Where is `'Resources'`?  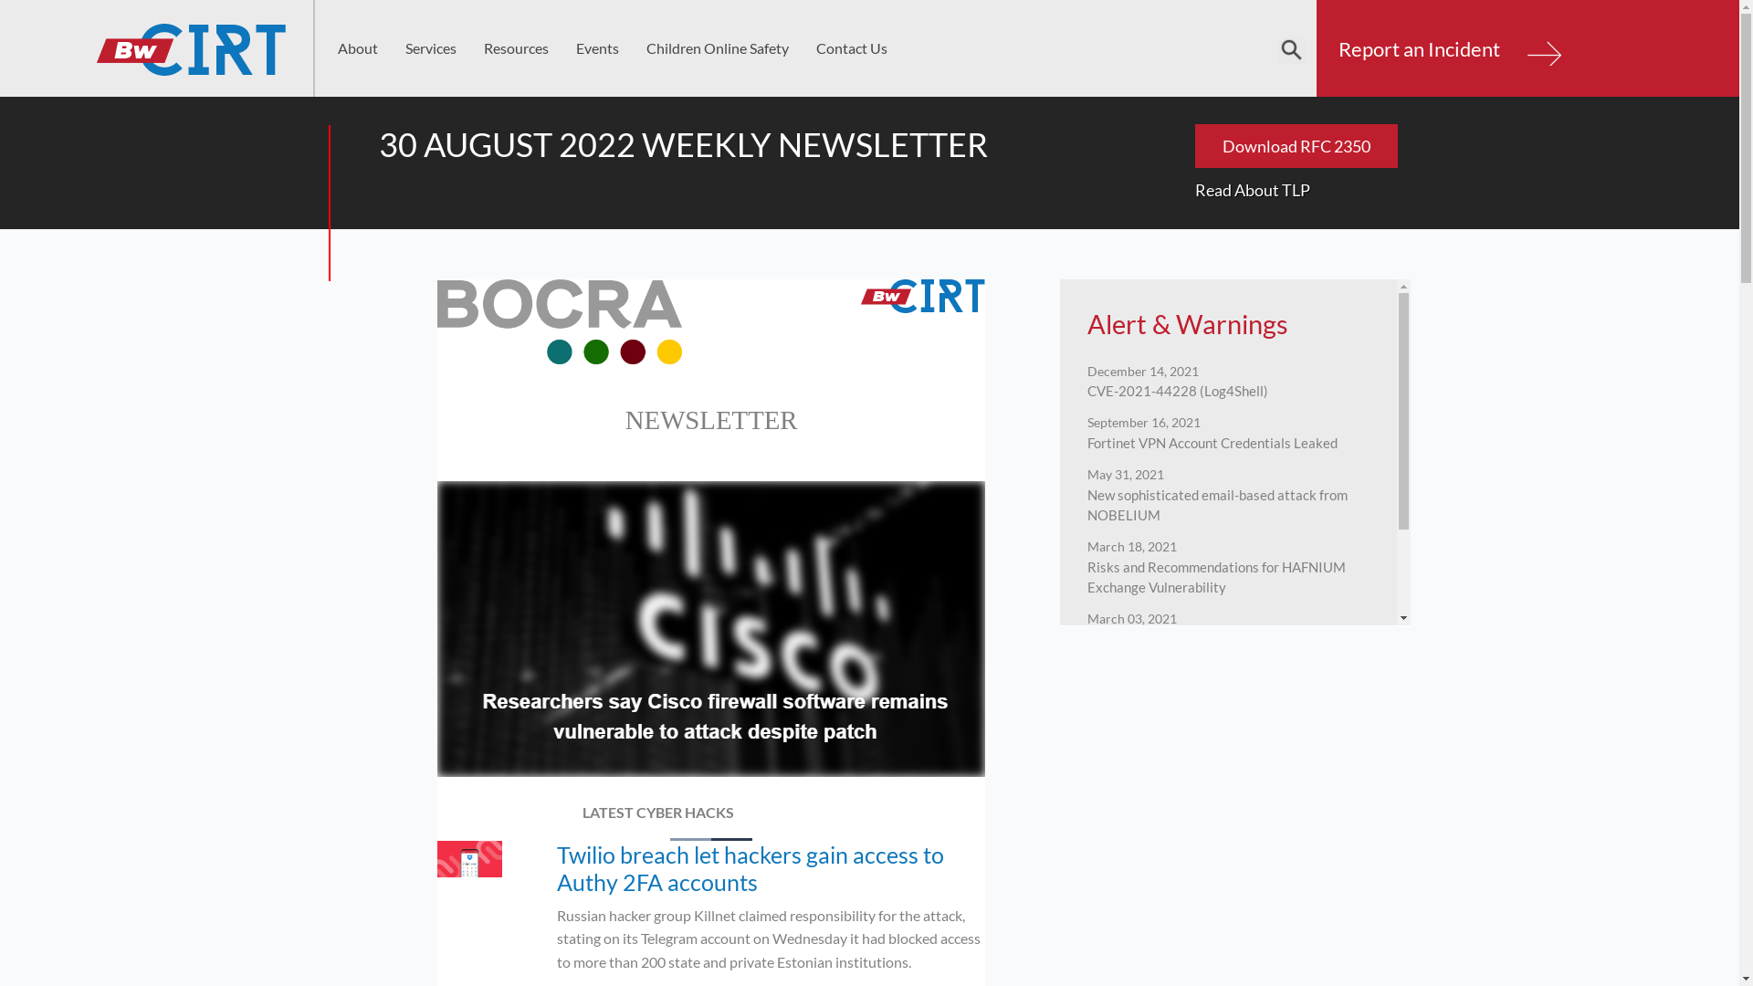 'Resources' is located at coordinates (515, 47).